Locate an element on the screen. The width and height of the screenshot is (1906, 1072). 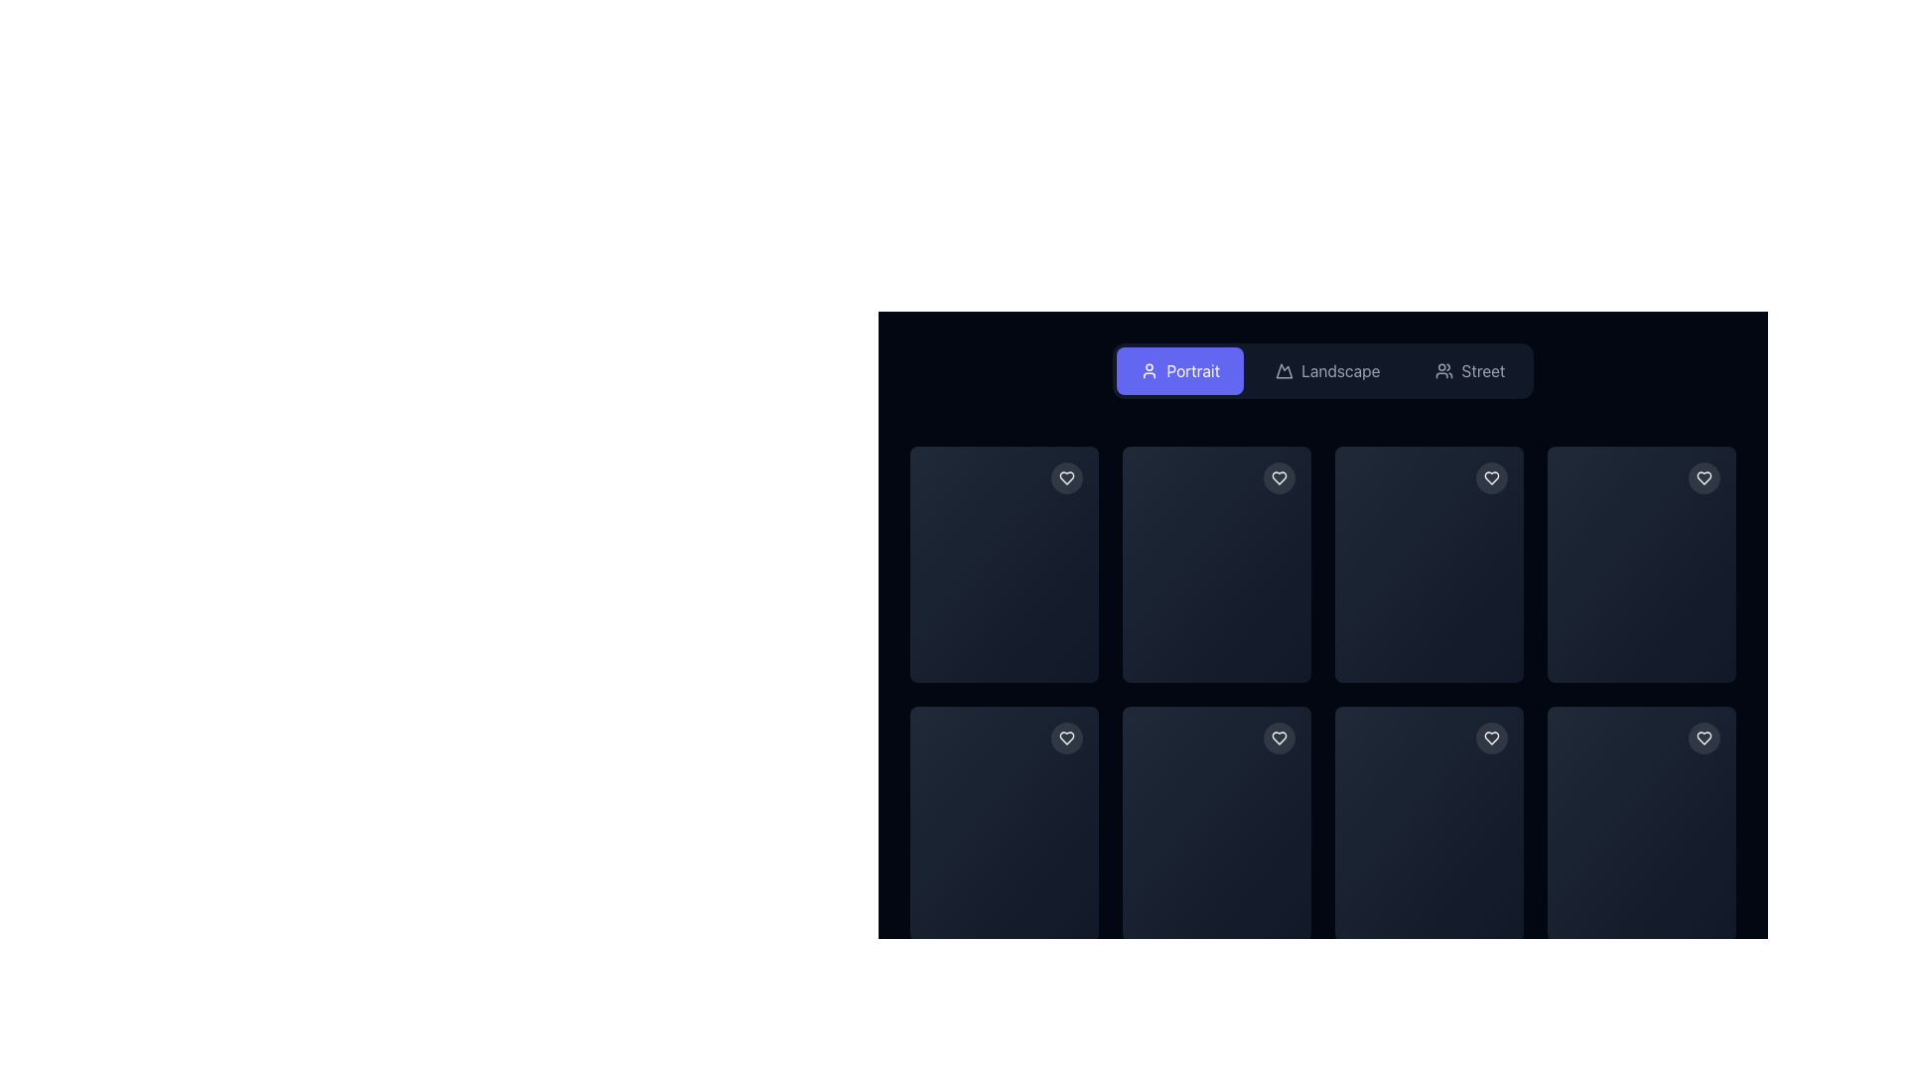
the first card in the second row of the grid titled 'Portrait' is located at coordinates (1005, 823).